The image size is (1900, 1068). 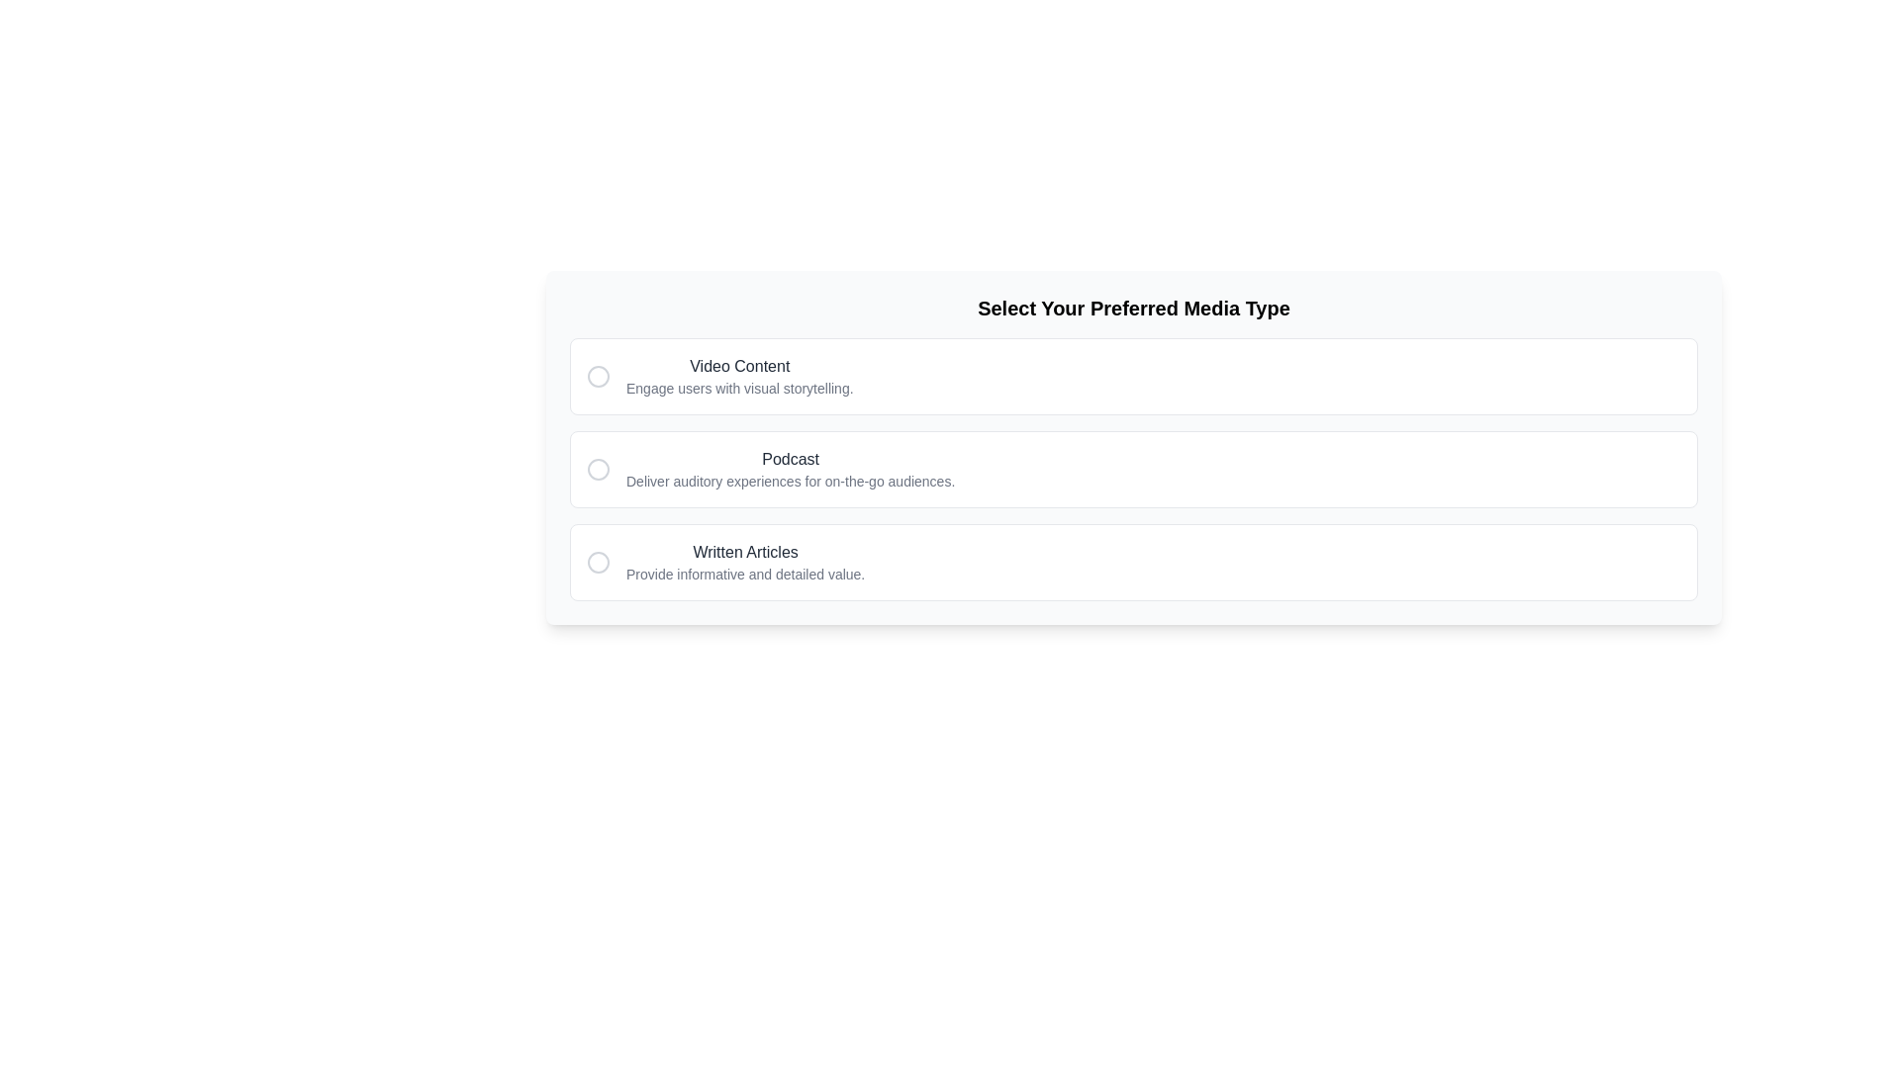 I want to click on the 'Written Articles' label in the 'Select Your Preferred Media Type' form, which is the third option in a vertically stacked list of media type options, so click(x=744, y=553).